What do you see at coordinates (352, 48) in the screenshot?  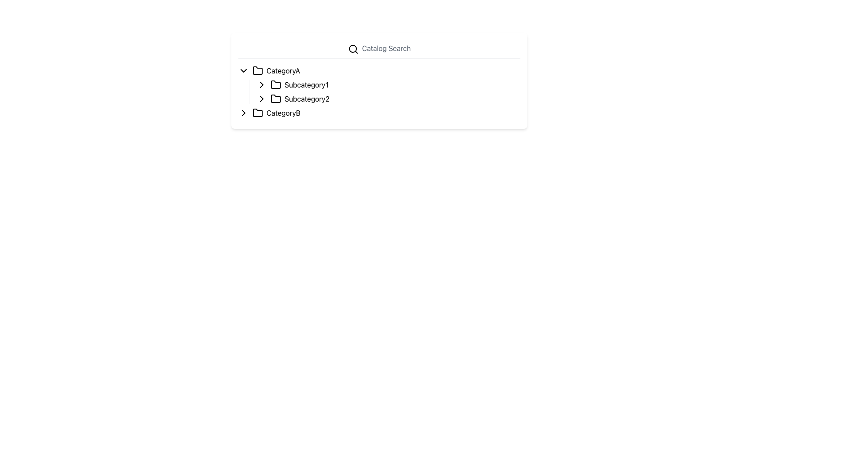 I see `the circular icon that forms the main part of the magnifying glass's lens in the search icon, which is located next to the text 'Catalog Search'` at bounding box center [352, 48].